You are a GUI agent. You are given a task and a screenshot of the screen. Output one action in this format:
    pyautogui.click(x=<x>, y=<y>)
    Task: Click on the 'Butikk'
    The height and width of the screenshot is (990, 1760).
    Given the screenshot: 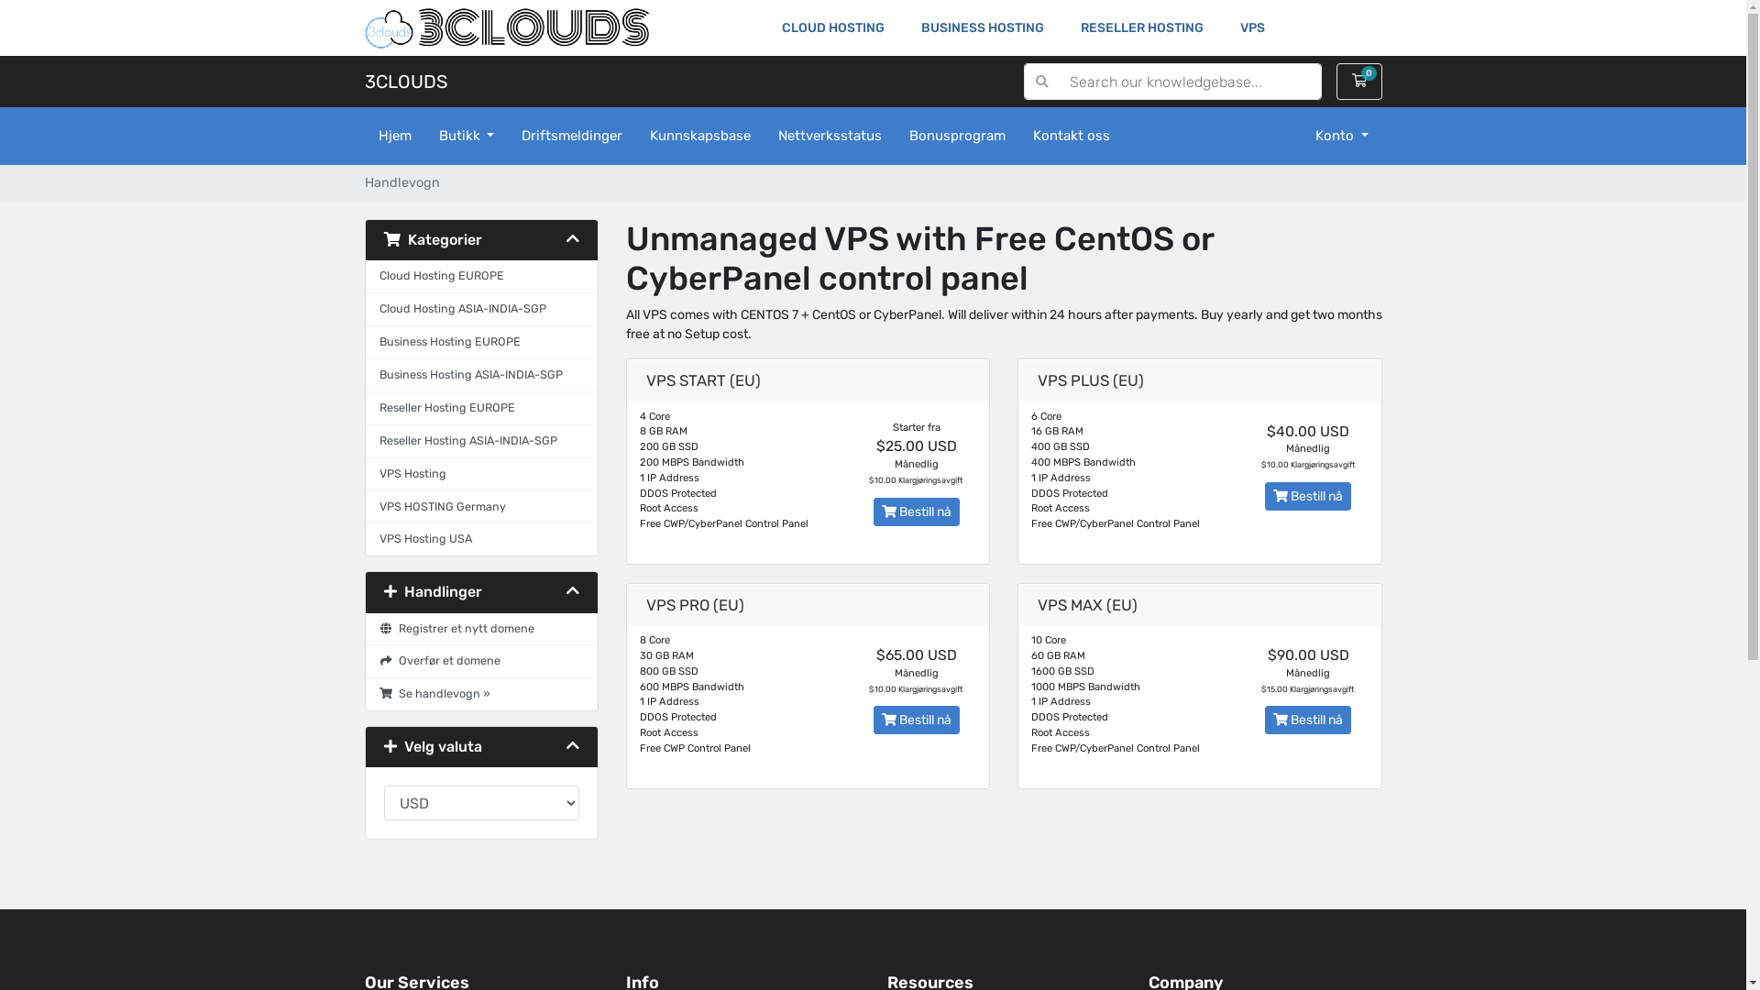 What is the action you would take?
    pyautogui.click(x=467, y=135)
    